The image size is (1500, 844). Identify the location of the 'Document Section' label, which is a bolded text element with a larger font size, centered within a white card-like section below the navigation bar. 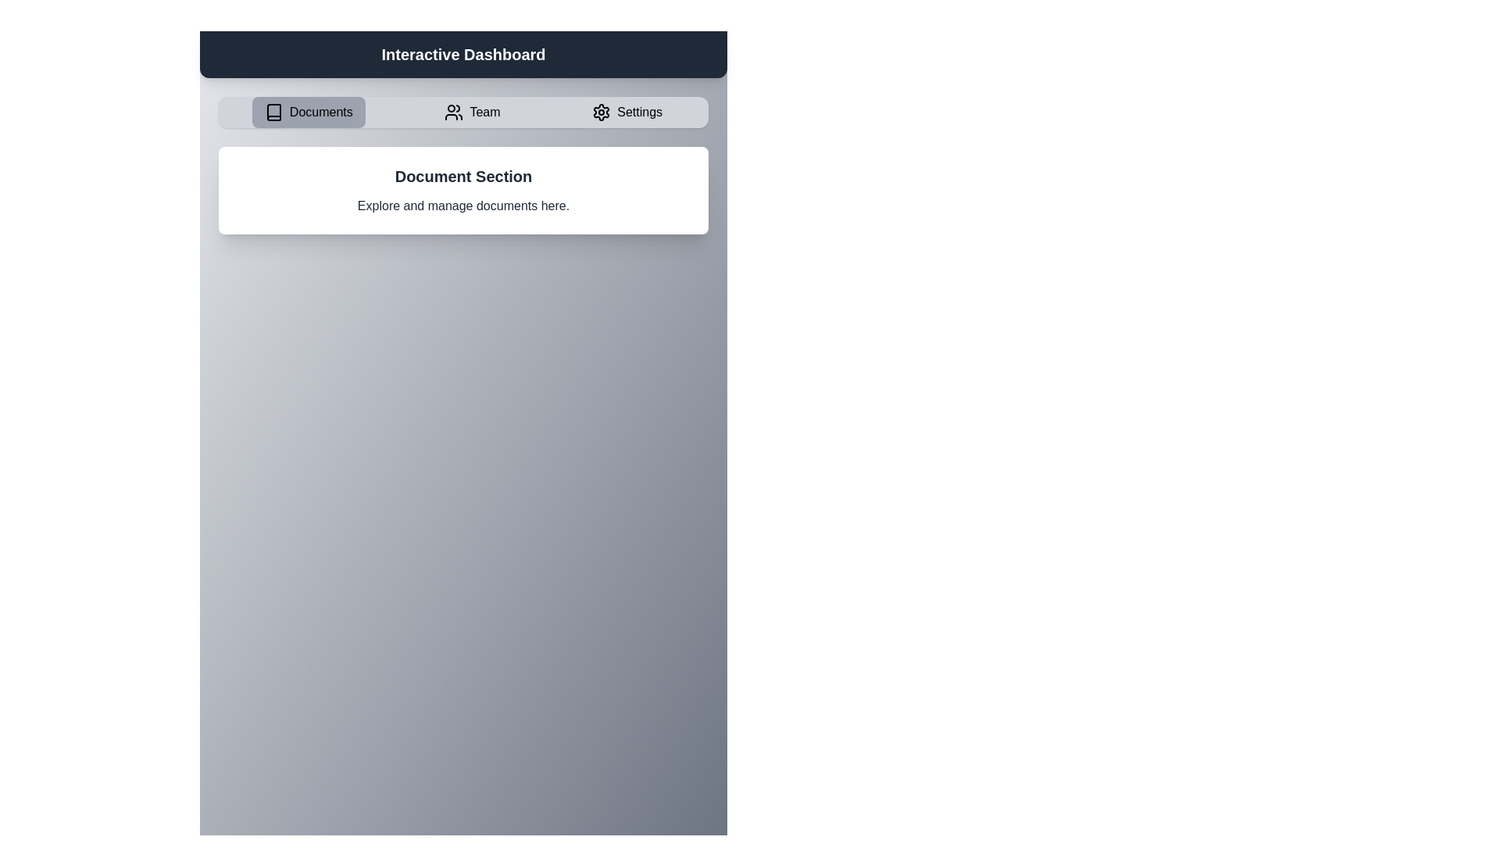
(462, 176).